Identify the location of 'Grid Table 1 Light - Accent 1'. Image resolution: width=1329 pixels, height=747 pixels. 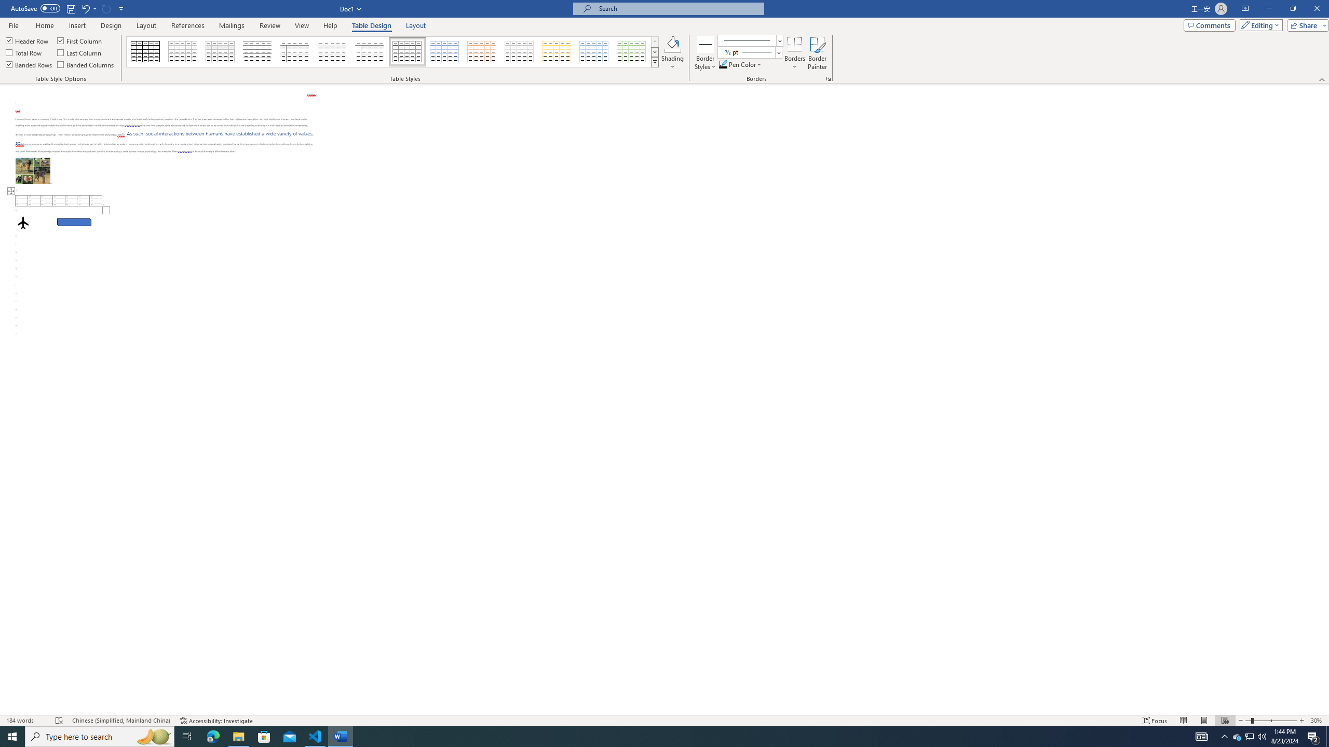
(444, 51).